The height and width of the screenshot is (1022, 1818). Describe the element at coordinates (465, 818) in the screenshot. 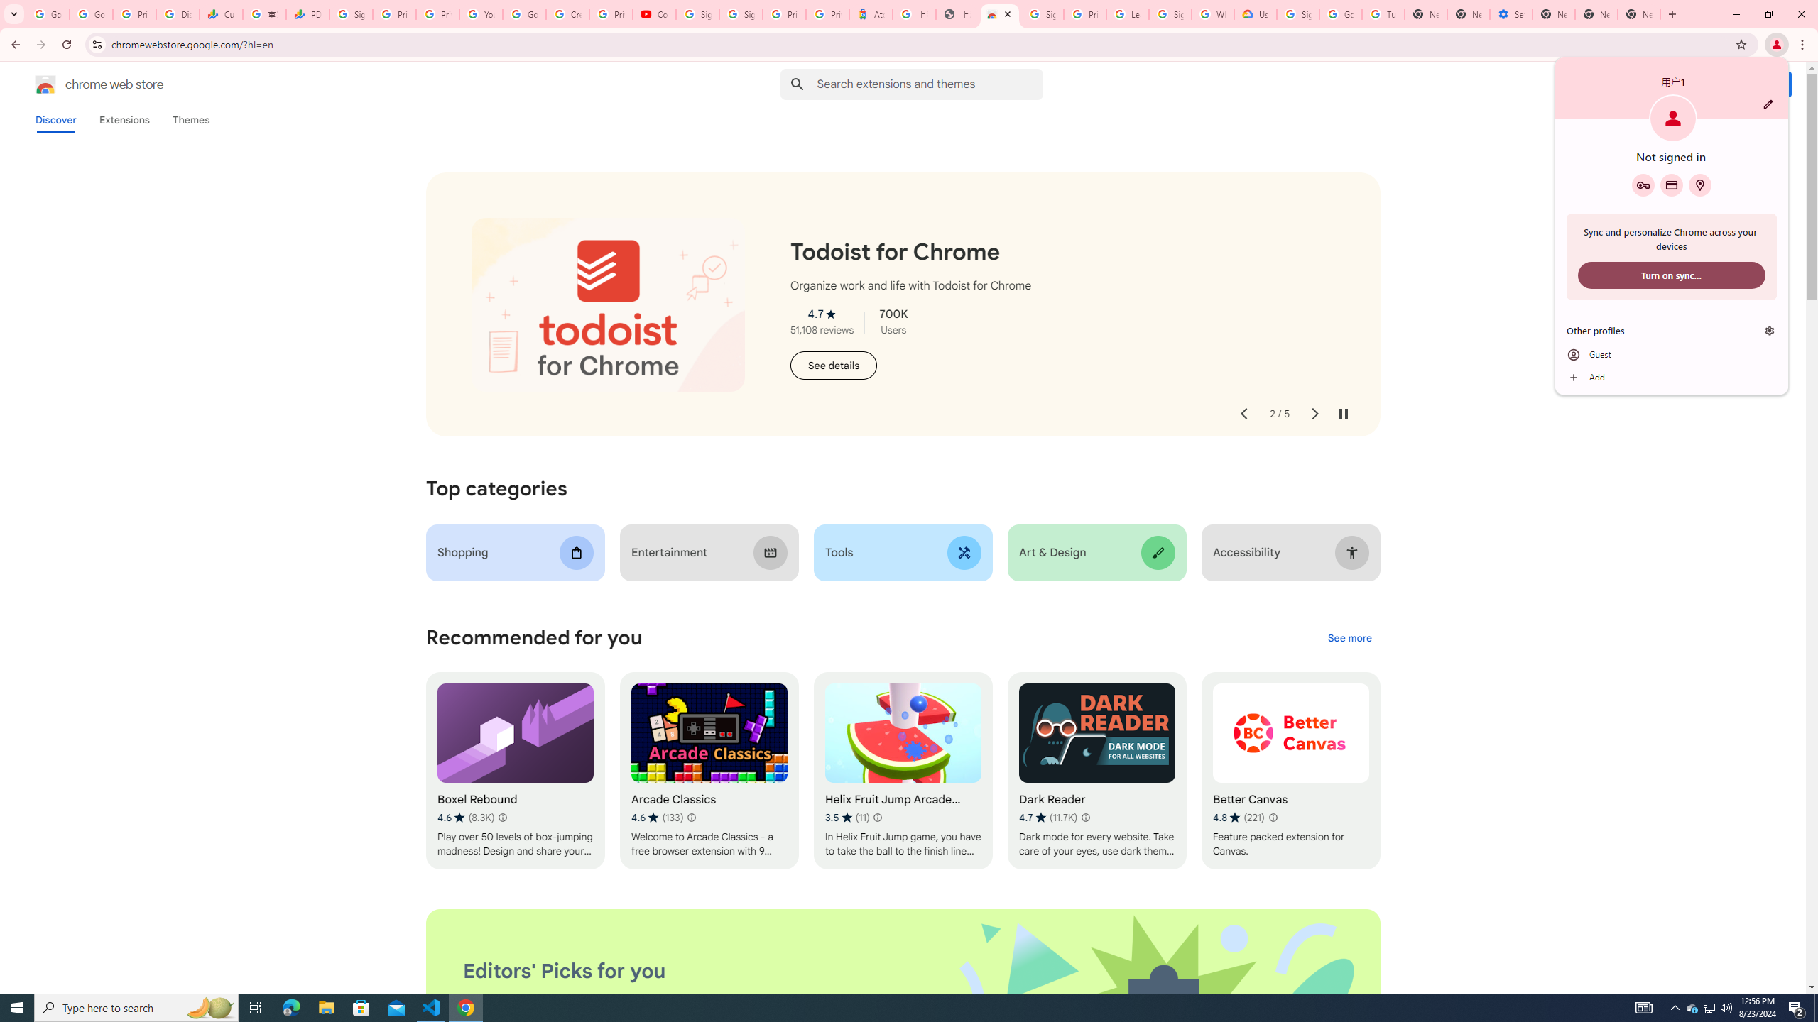

I see `'Average rating 4.6 out of 5 stars. 8.3K ratings.'` at that location.